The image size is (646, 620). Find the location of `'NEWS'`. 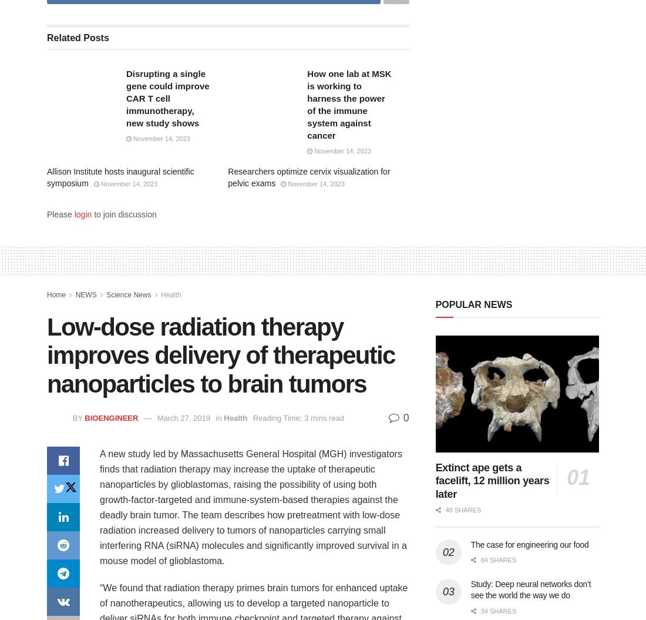

'NEWS' is located at coordinates (85, 294).